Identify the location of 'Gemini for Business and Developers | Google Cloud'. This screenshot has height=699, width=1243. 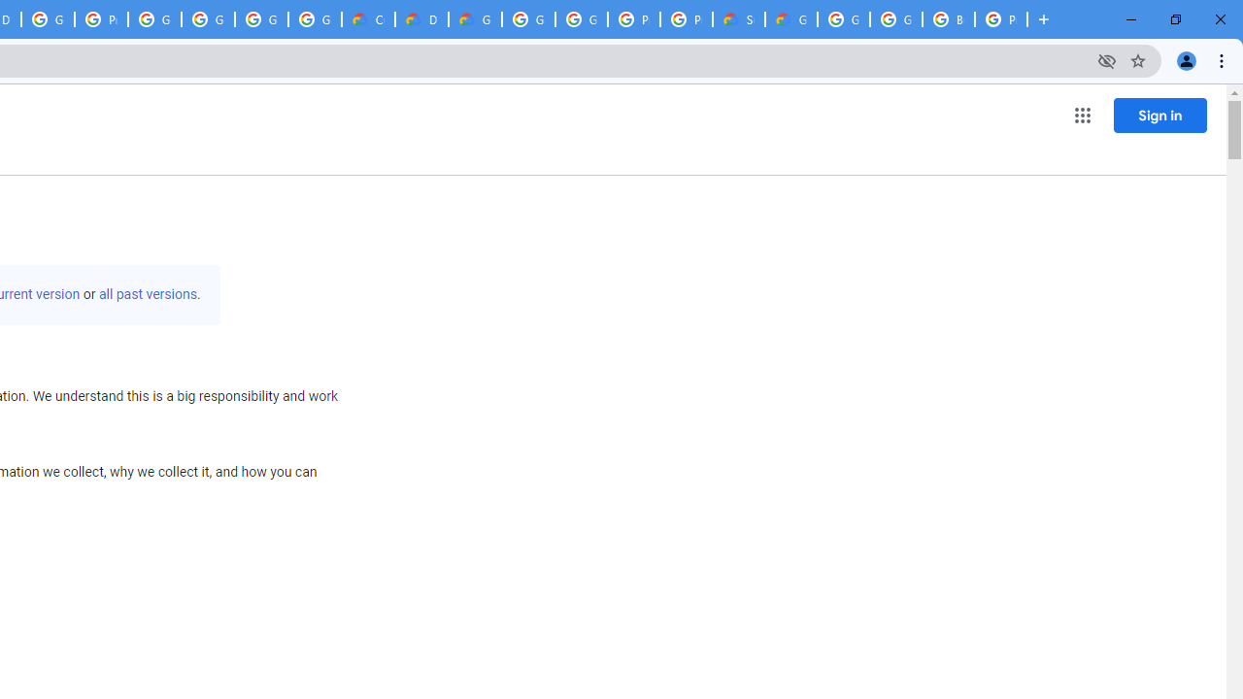
(475, 19).